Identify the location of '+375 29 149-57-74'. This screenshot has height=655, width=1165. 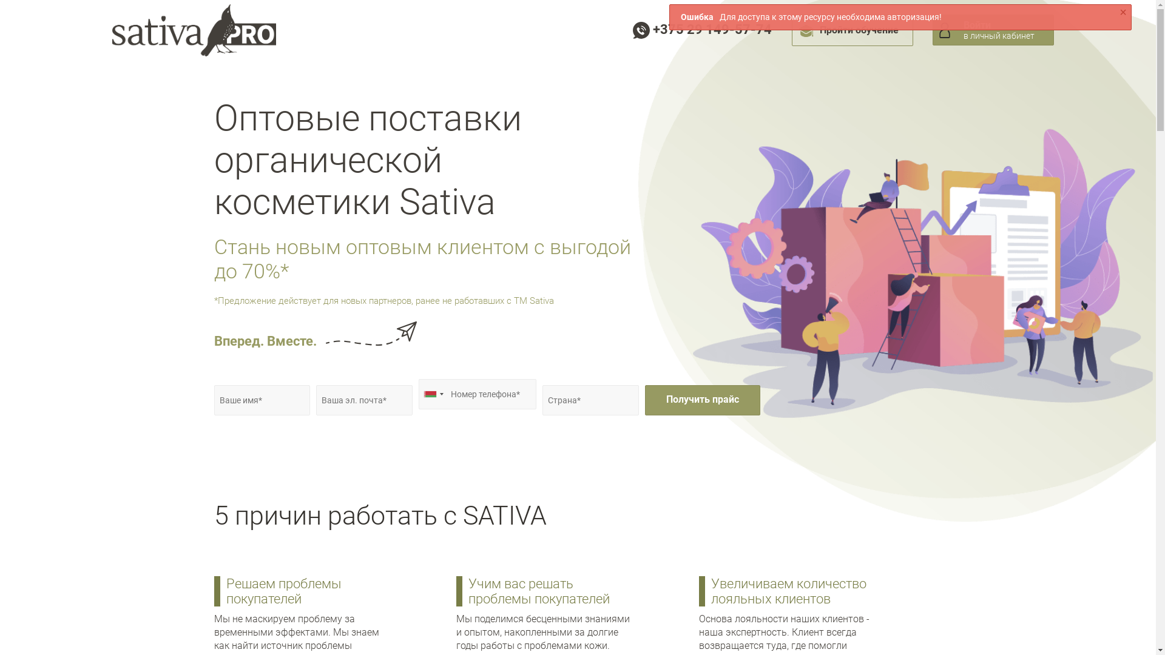
(701, 29).